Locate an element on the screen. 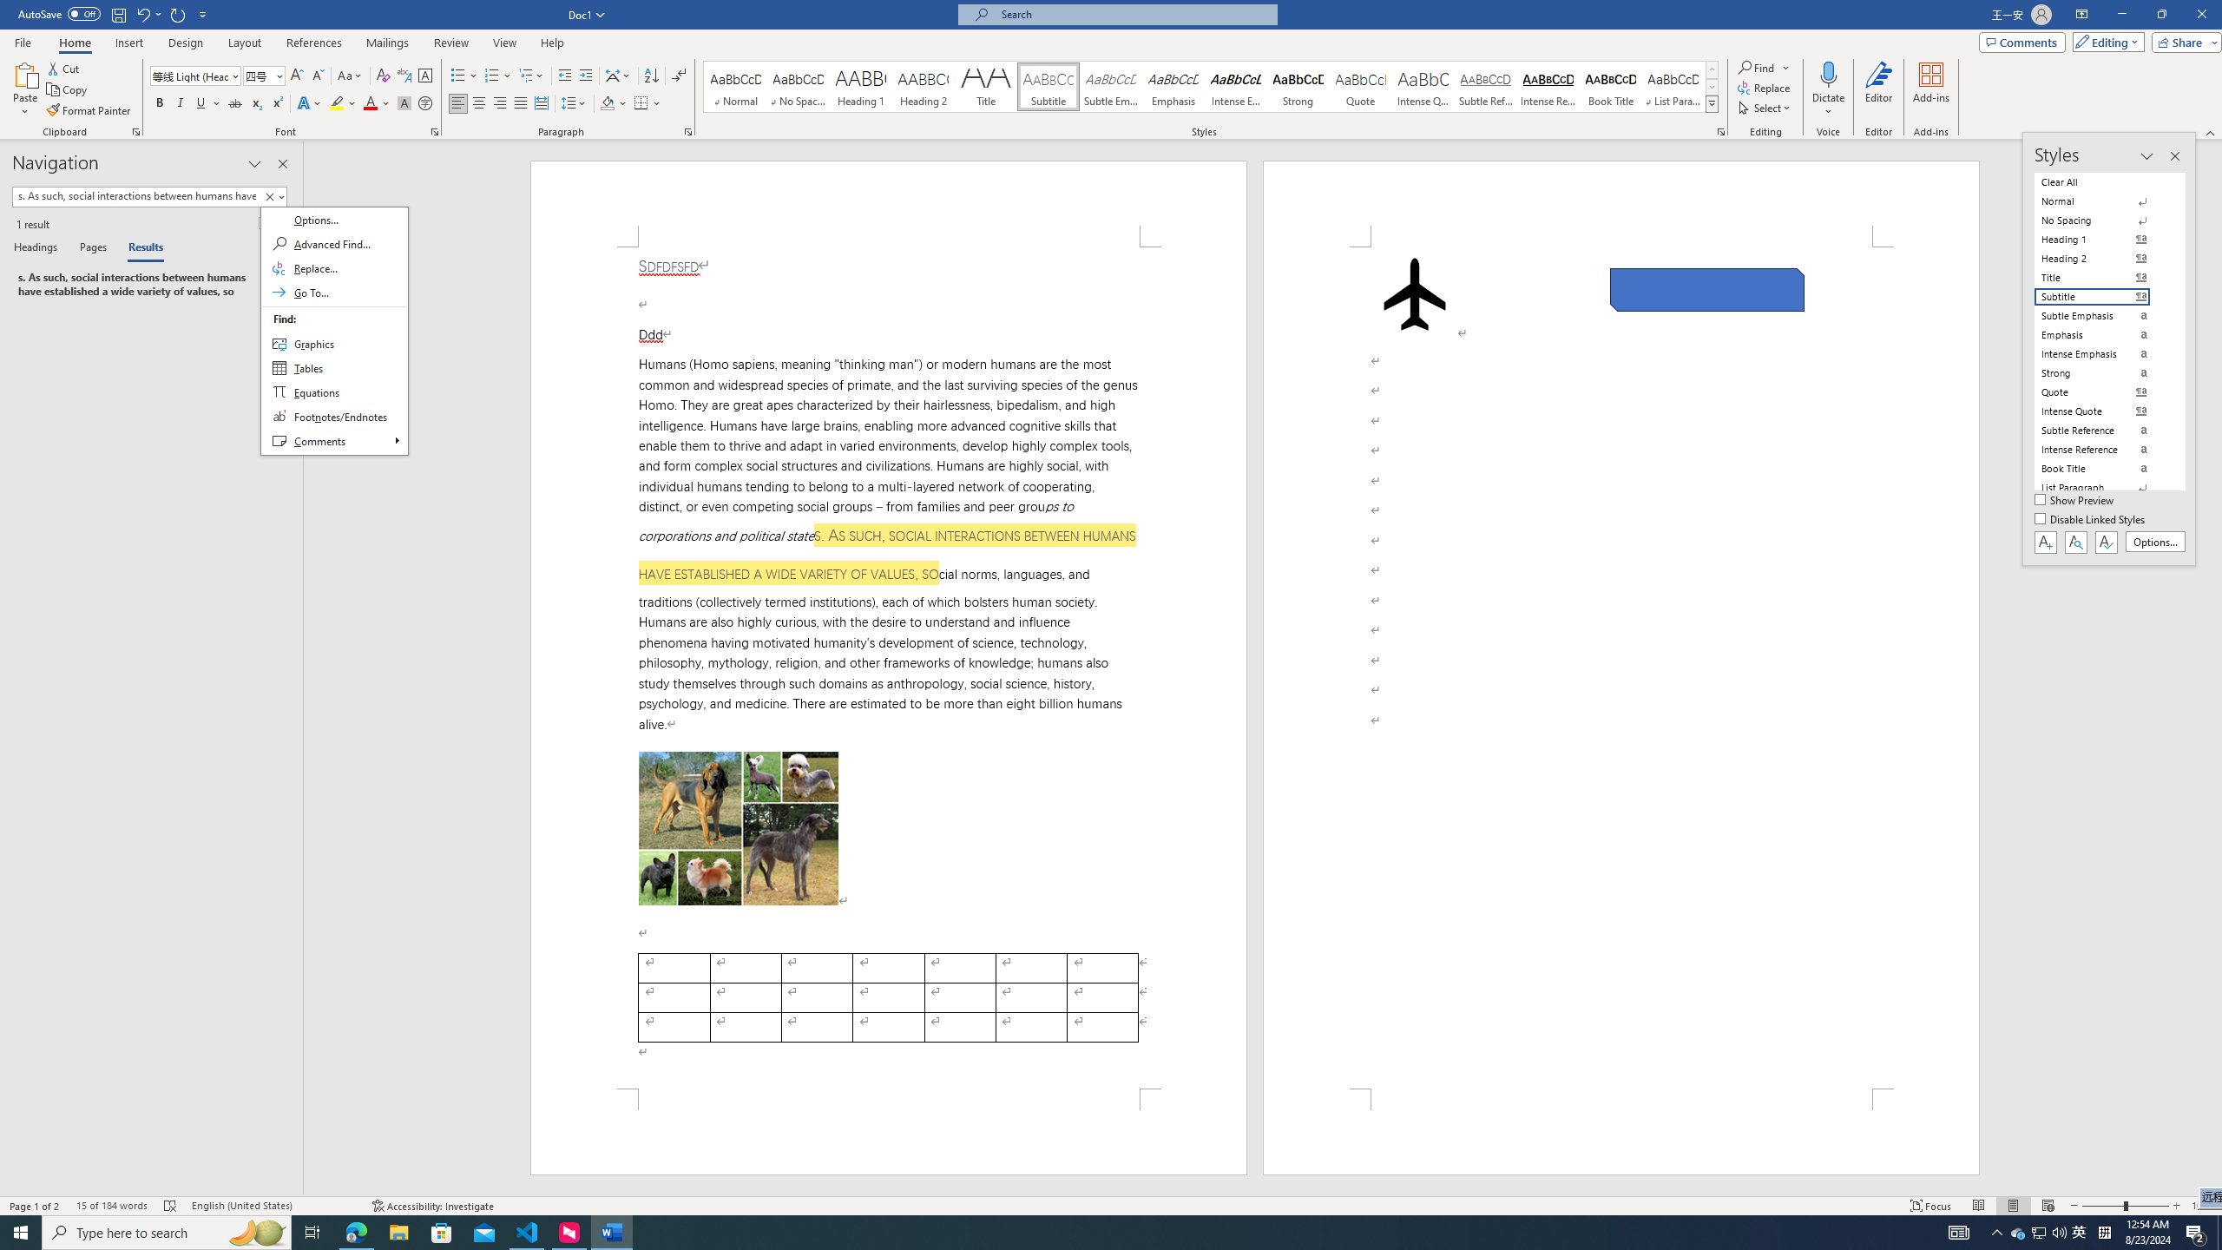 Image resolution: width=2222 pixels, height=1250 pixels. 'Show Preview' is located at coordinates (2076, 501).